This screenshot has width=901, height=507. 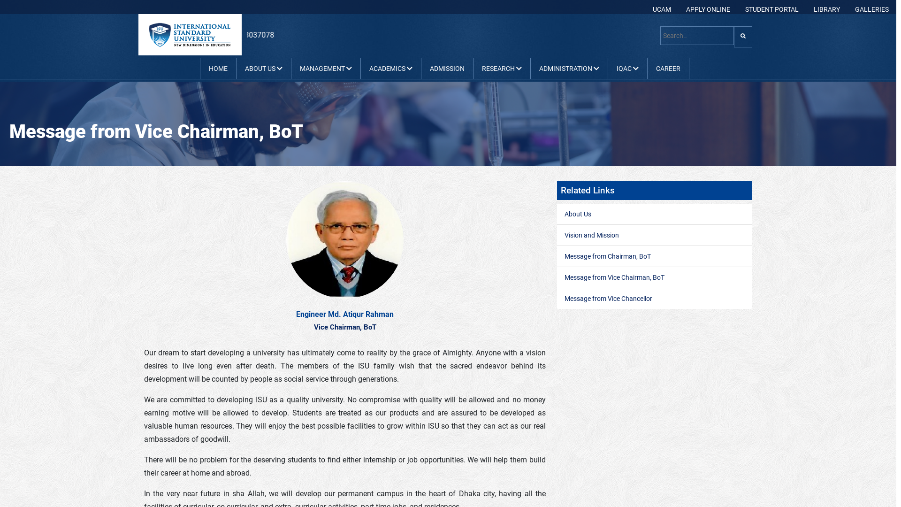 I want to click on 'ABOUT US', so click(x=263, y=68).